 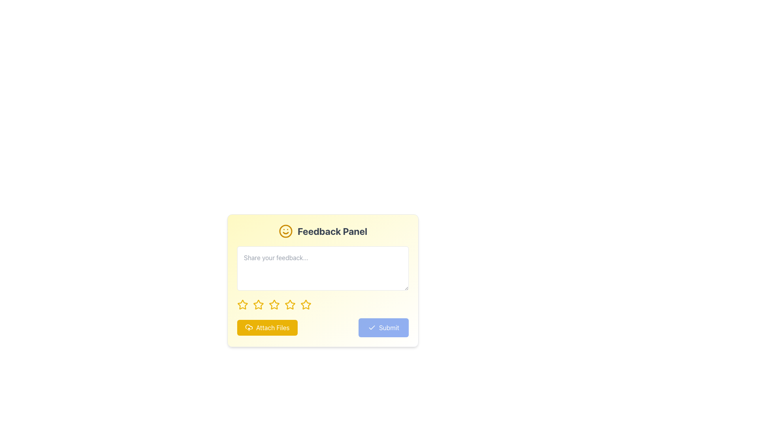 I want to click on the third rating star icon, so click(x=274, y=304).